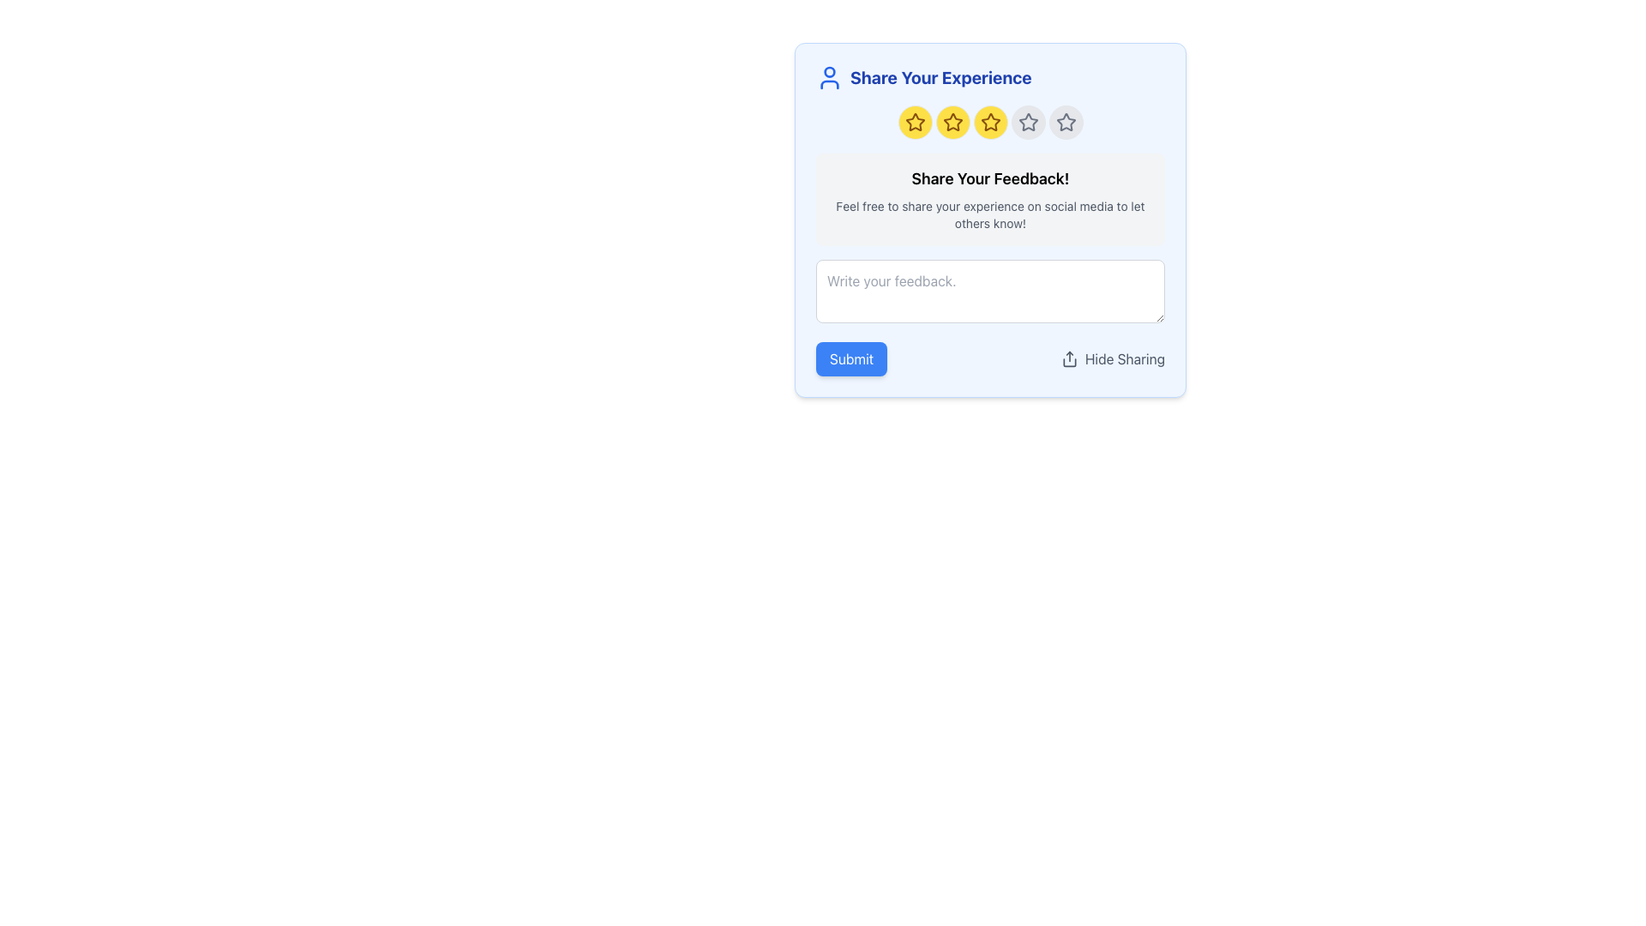 The width and height of the screenshot is (1646, 926). What do you see at coordinates (952, 121) in the screenshot?
I see `the second star icon in the 'Share Your Experience' section` at bounding box center [952, 121].